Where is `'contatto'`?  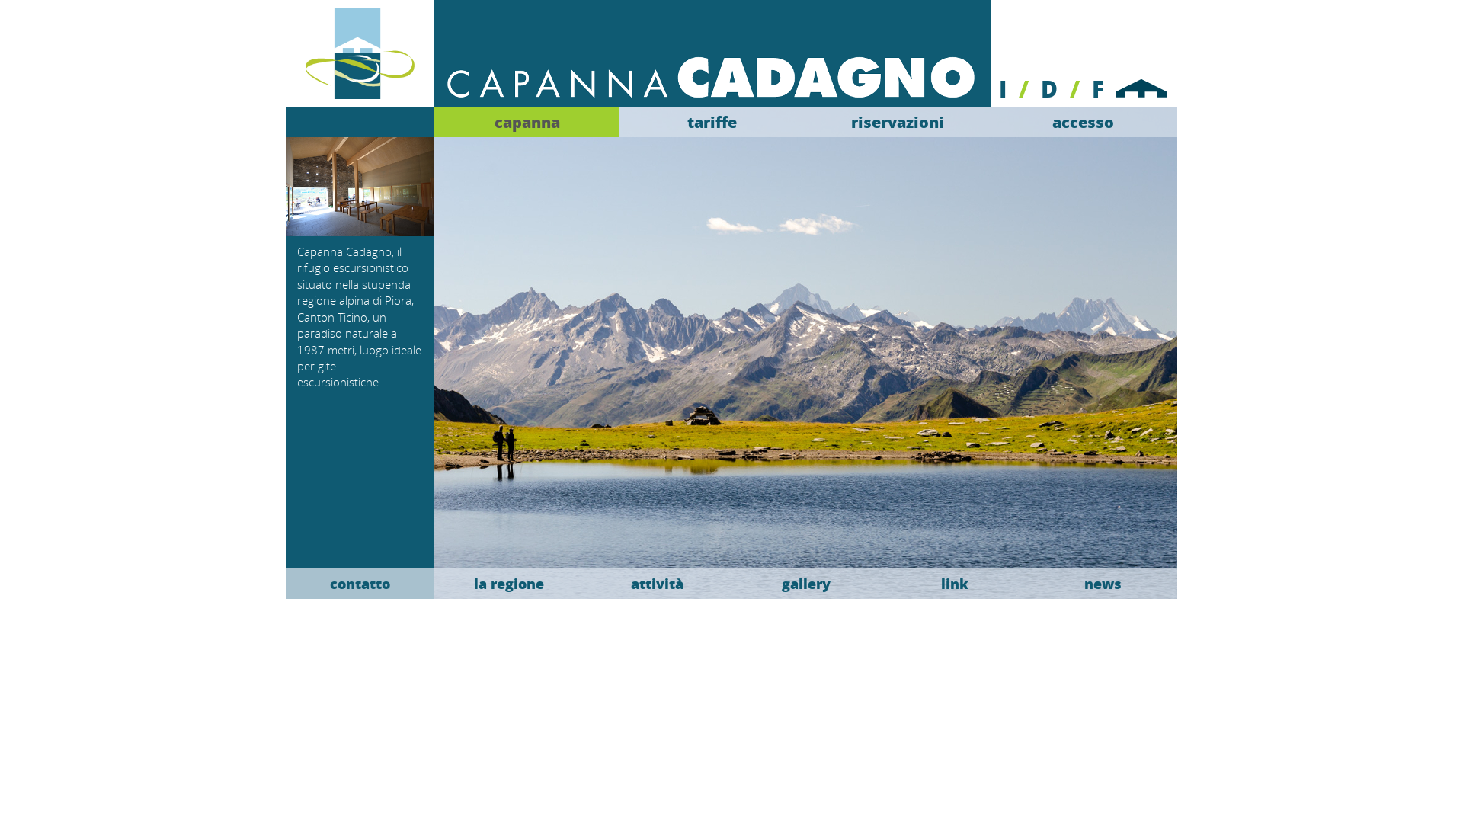
'contatto' is located at coordinates (359, 583).